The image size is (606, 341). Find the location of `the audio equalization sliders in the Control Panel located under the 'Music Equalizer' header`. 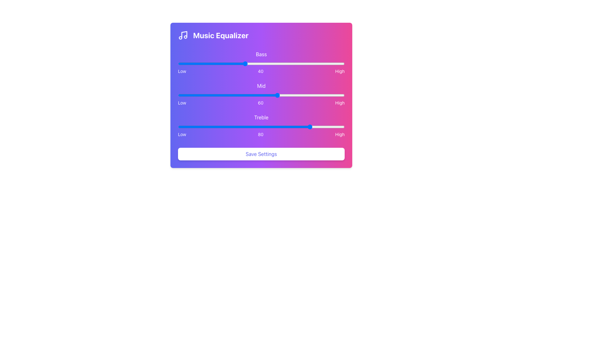

the audio equalization sliders in the Control Panel located under the 'Music Equalizer' header is located at coordinates (261, 94).